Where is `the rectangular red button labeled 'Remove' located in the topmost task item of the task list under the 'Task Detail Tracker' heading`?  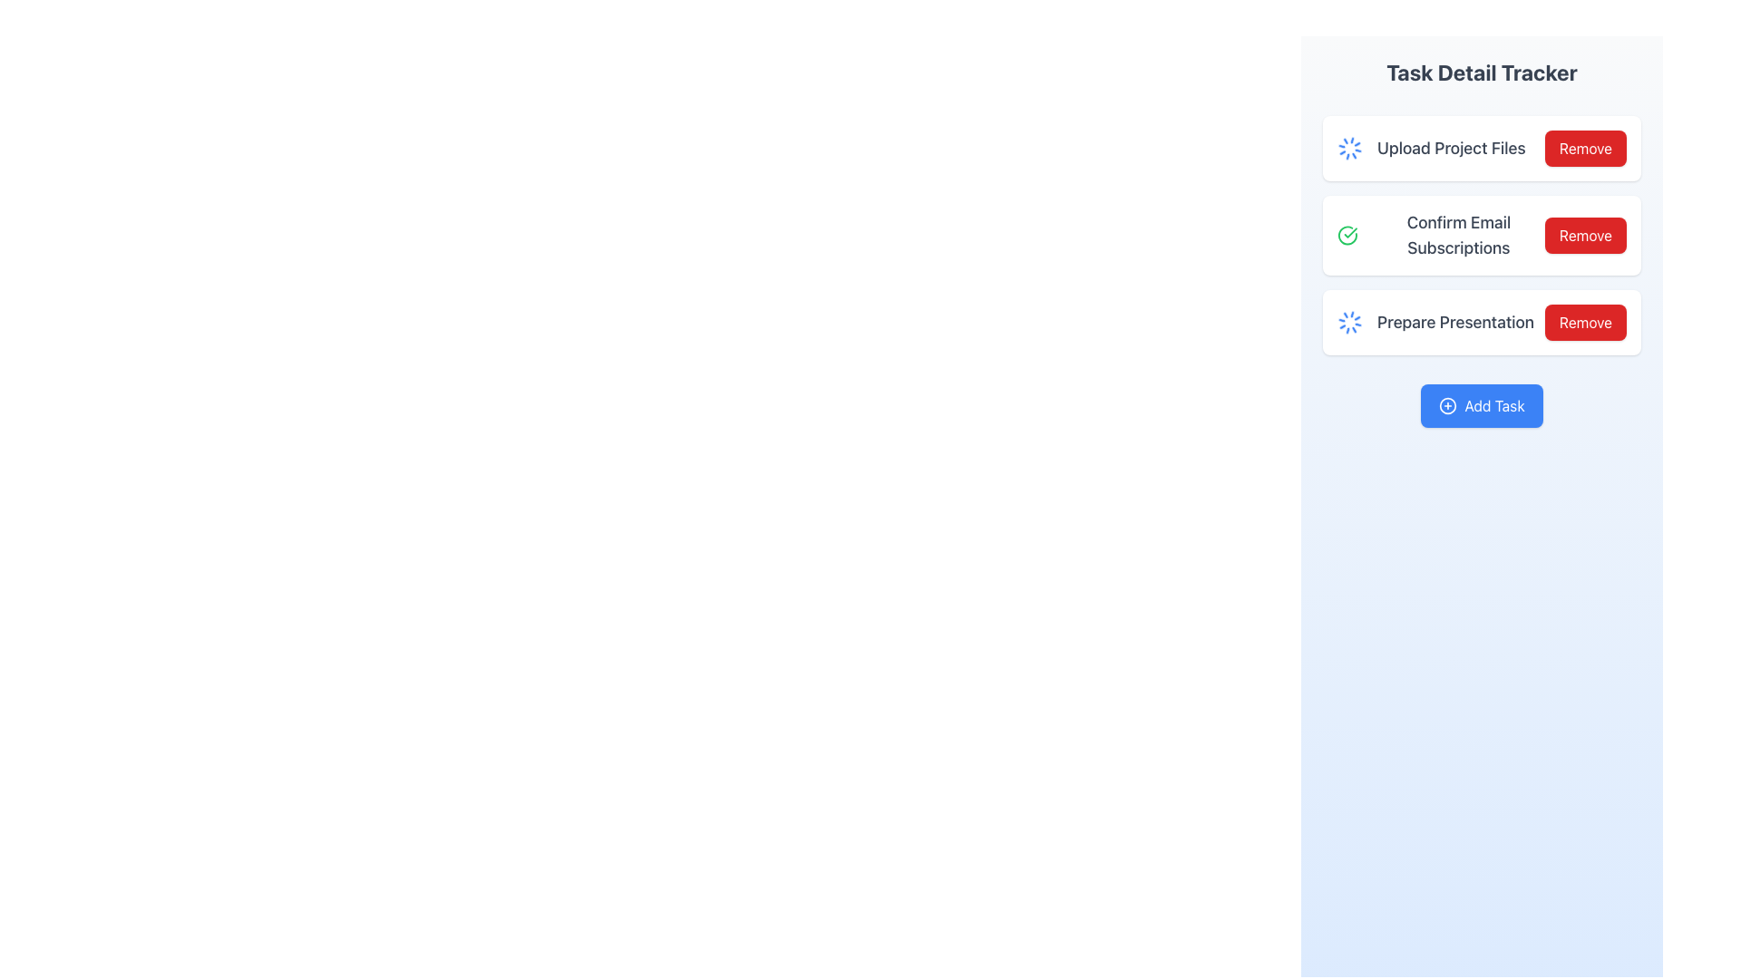
the rectangular red button labeled 'Remove' located in the topmost task item of the task list under the 'Task Detail Tracker' heading is located at coordinates (1584, 148).